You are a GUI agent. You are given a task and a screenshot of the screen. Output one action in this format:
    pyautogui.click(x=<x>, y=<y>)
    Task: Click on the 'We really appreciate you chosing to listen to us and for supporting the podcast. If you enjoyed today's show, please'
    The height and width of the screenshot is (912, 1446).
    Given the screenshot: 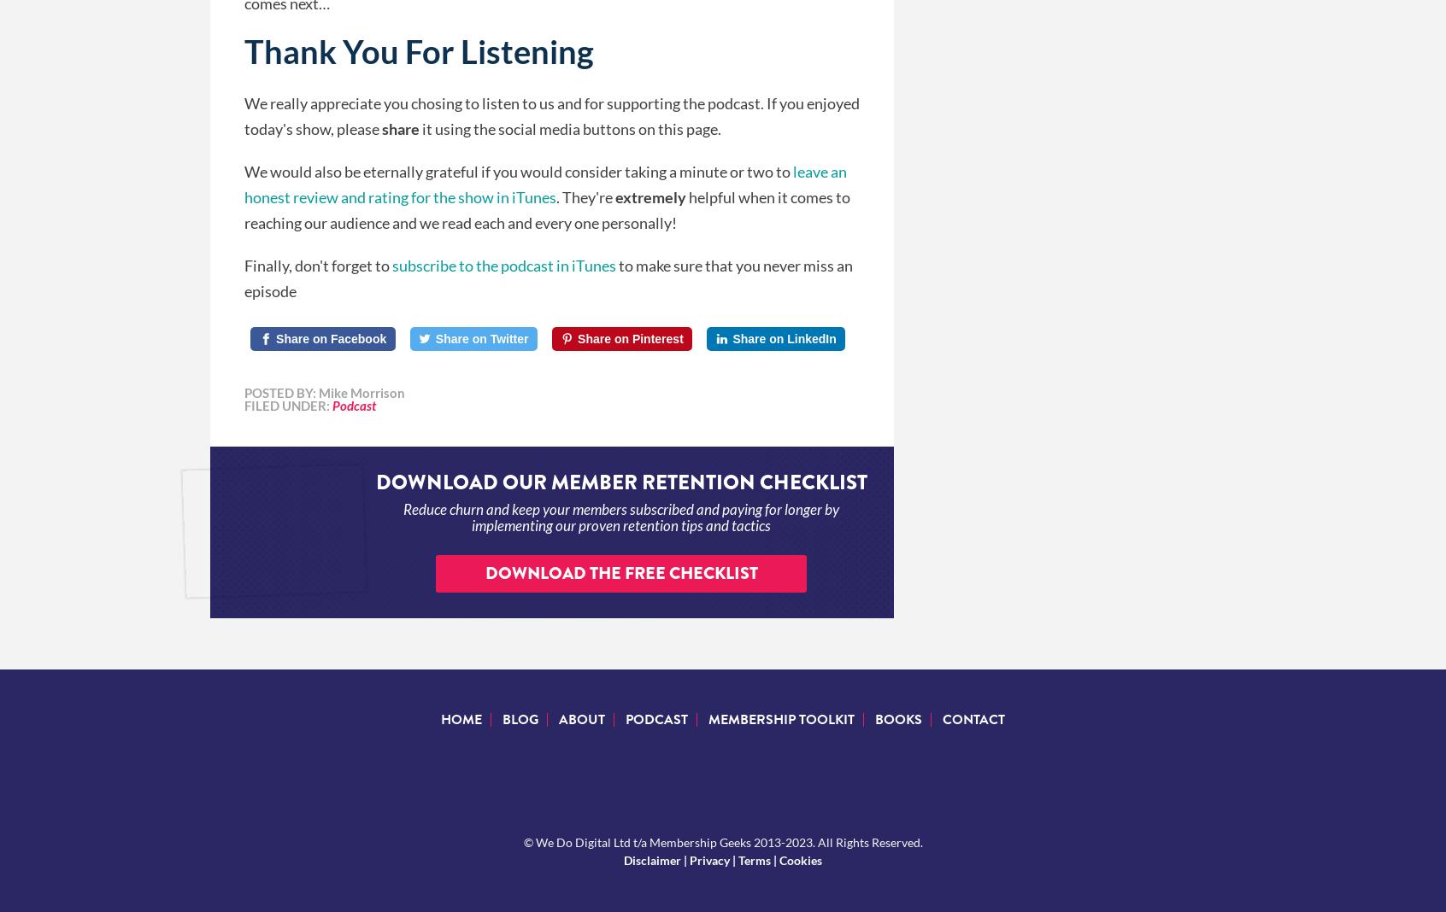 What is the action you would take?
    pyautogui.click(x=243, y=114)
    